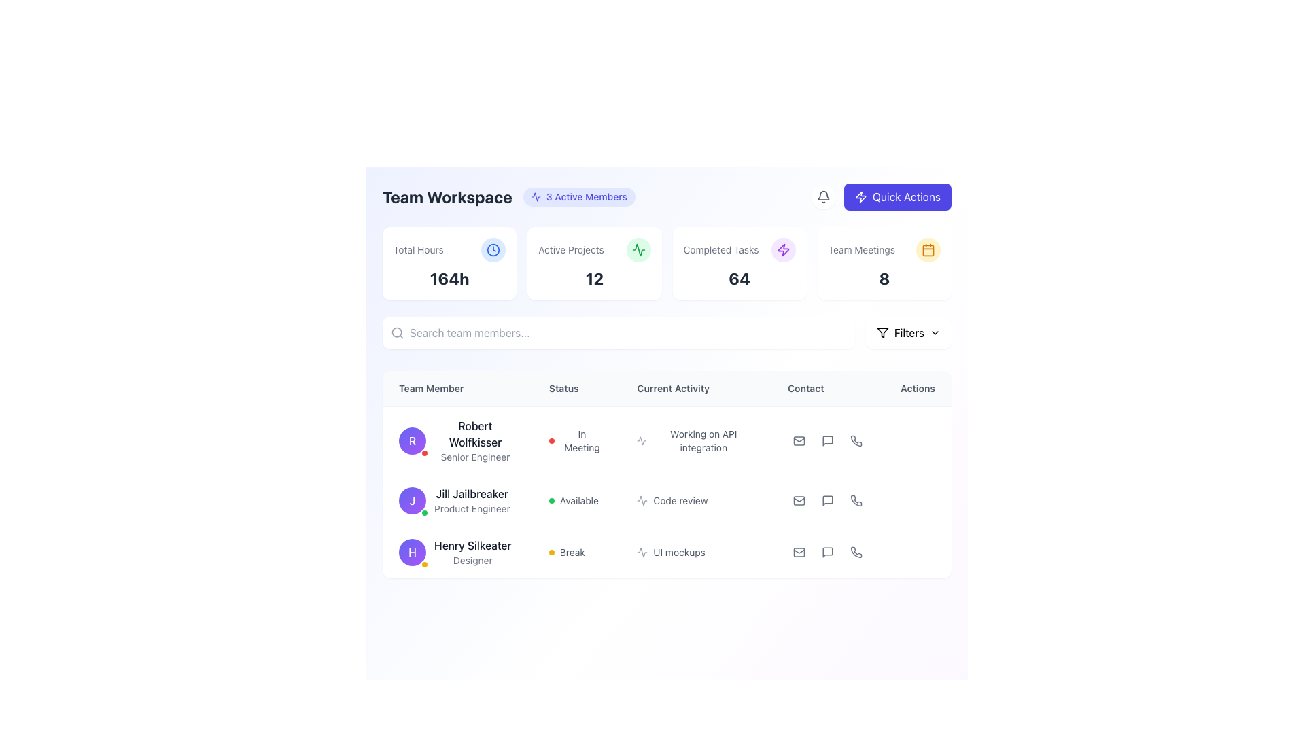 The height and width of the screenshot is (734, 1305). Describe the element at coordinates (696, 500) in the screenshot. I see `the 'Code review' status text label with icon in the second row of the 'Current Activity' column for team member Jill Jailbreaker` at that location.